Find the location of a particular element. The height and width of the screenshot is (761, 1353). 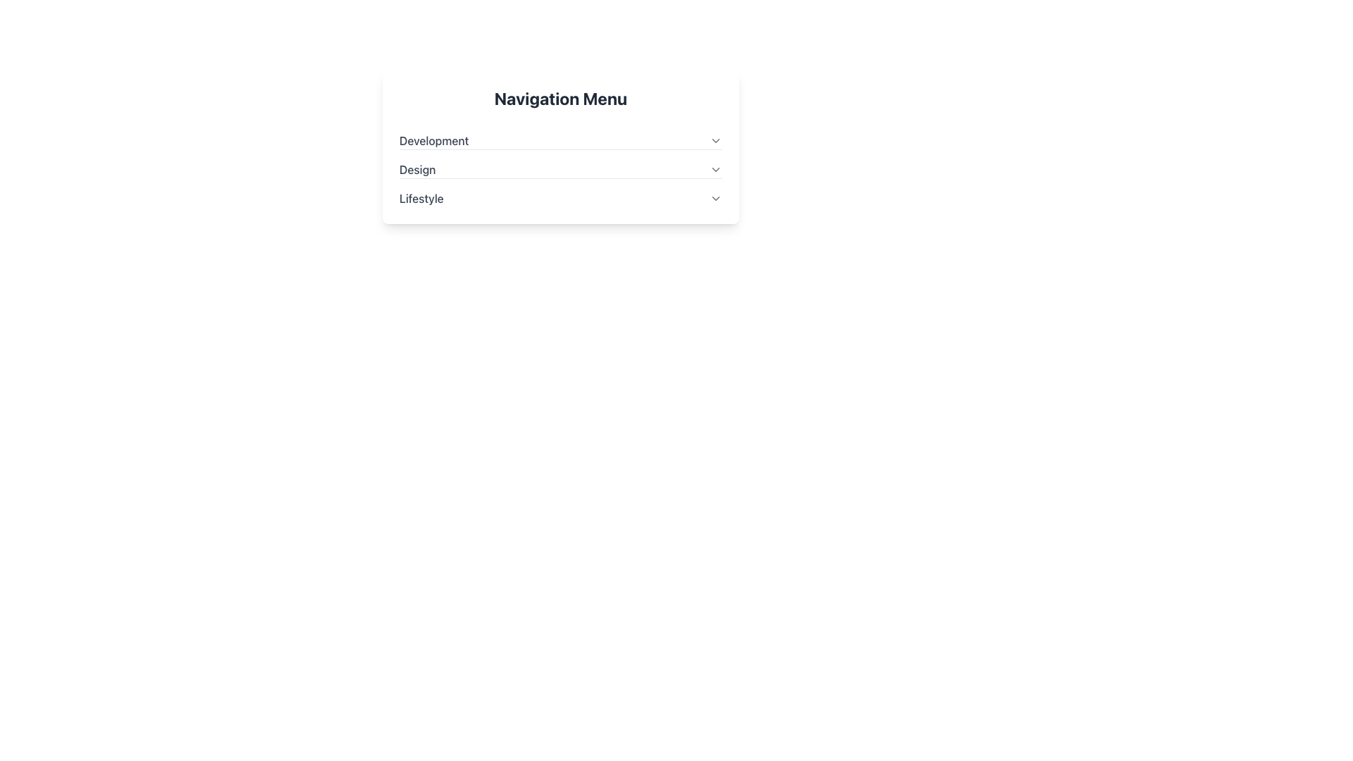

the 'Design' dropdown menu item, which is the second item in the vertical navigation menu is located at coordinates (560, 163).